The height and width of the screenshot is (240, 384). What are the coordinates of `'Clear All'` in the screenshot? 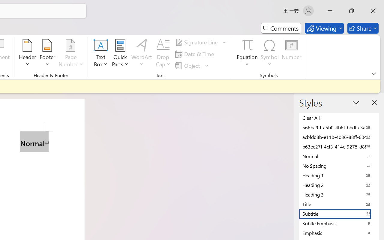 It's located at (339, 117).